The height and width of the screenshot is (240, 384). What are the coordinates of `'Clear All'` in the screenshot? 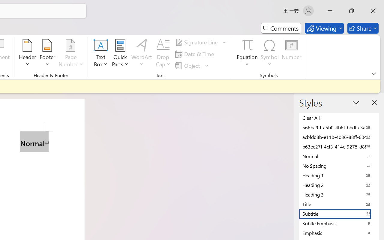 It's located at (339, 117).